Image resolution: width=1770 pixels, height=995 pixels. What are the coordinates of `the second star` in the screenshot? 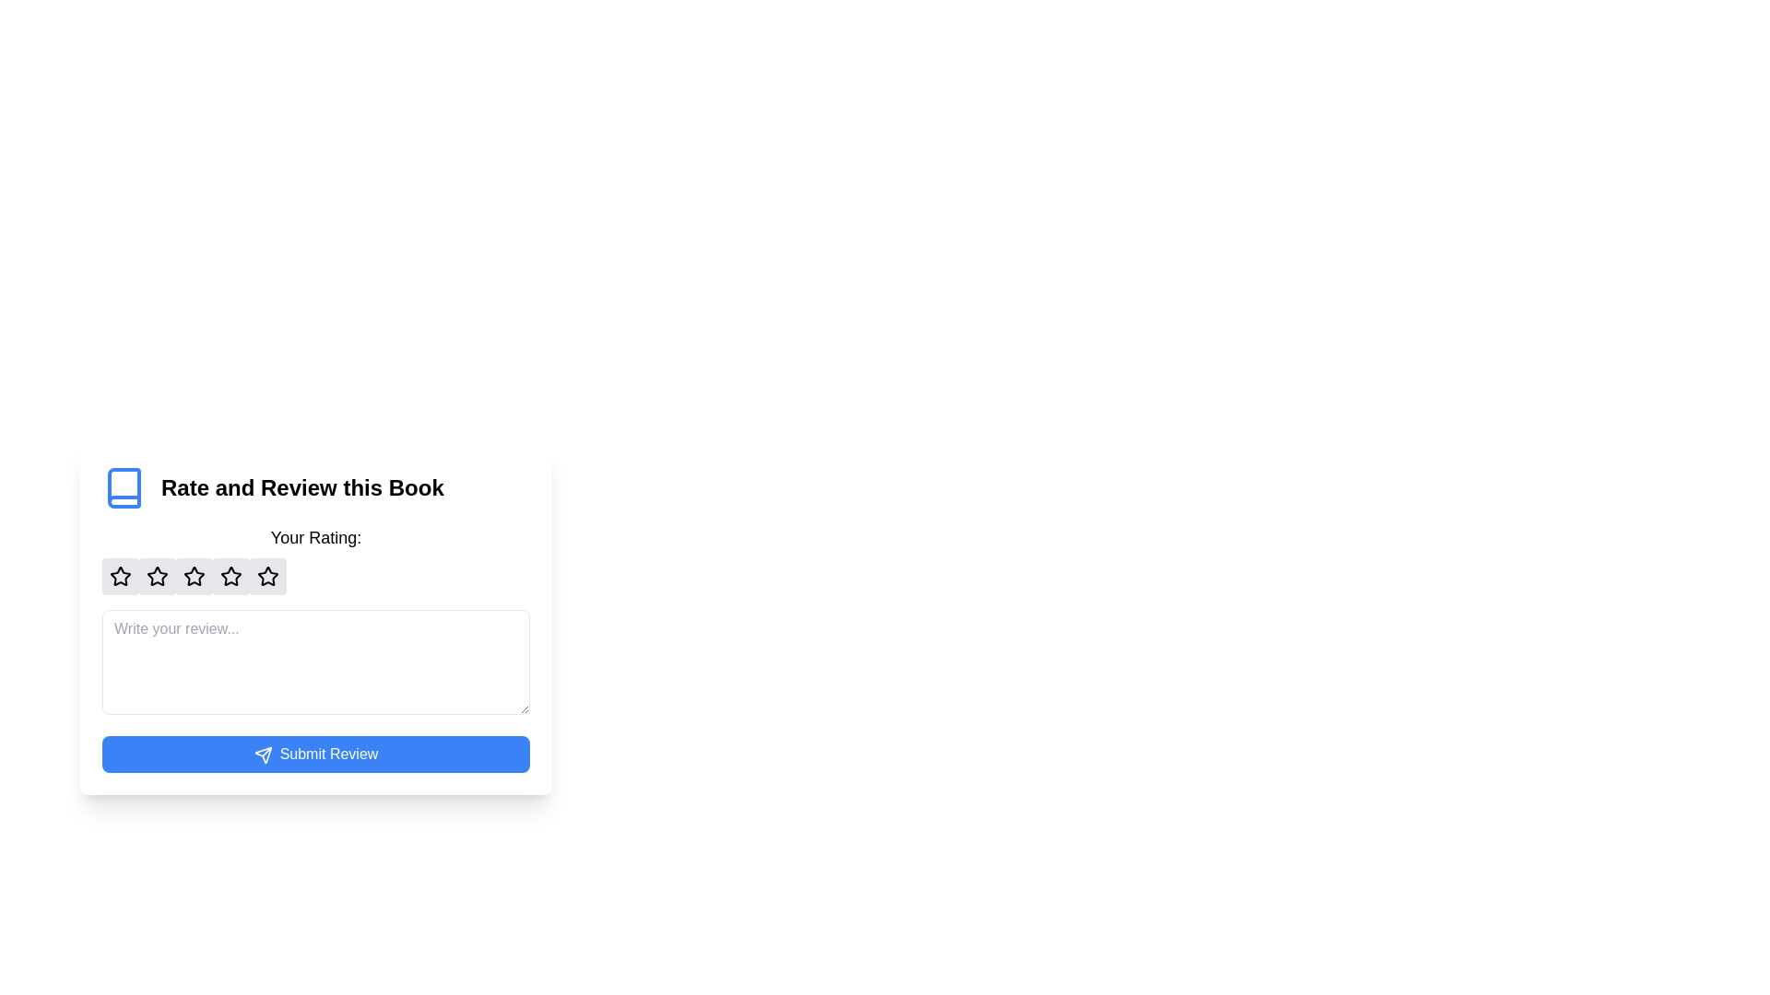 It's located at (230, 575).